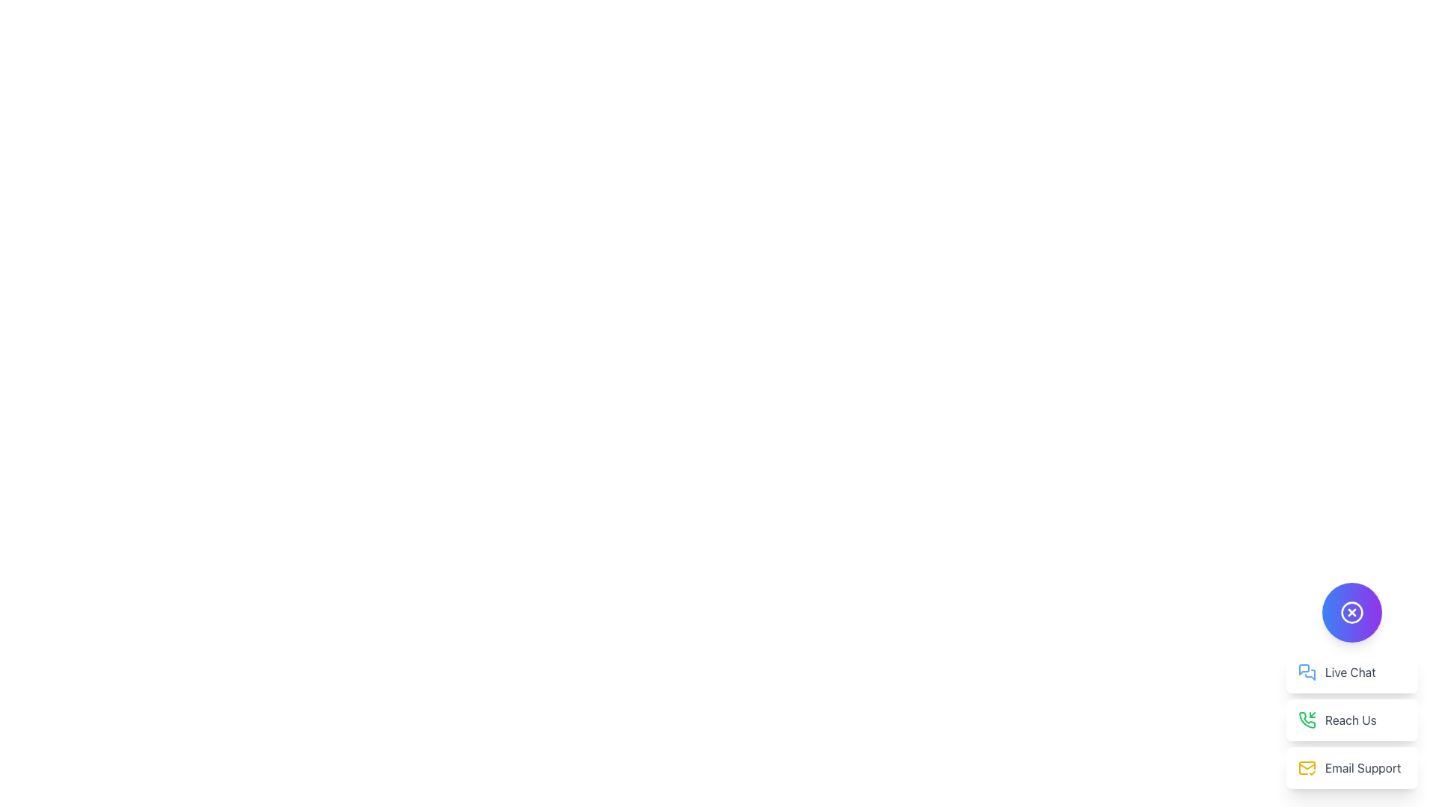 Image resolution: width=1436 pixels, height=807 pixels. I want to click on the email support icon located at the top-left corner of the 'Email Support' card, which is the third item in a vertical stack of cards in the bottom-right corner of the interface, so click(1306, 768).